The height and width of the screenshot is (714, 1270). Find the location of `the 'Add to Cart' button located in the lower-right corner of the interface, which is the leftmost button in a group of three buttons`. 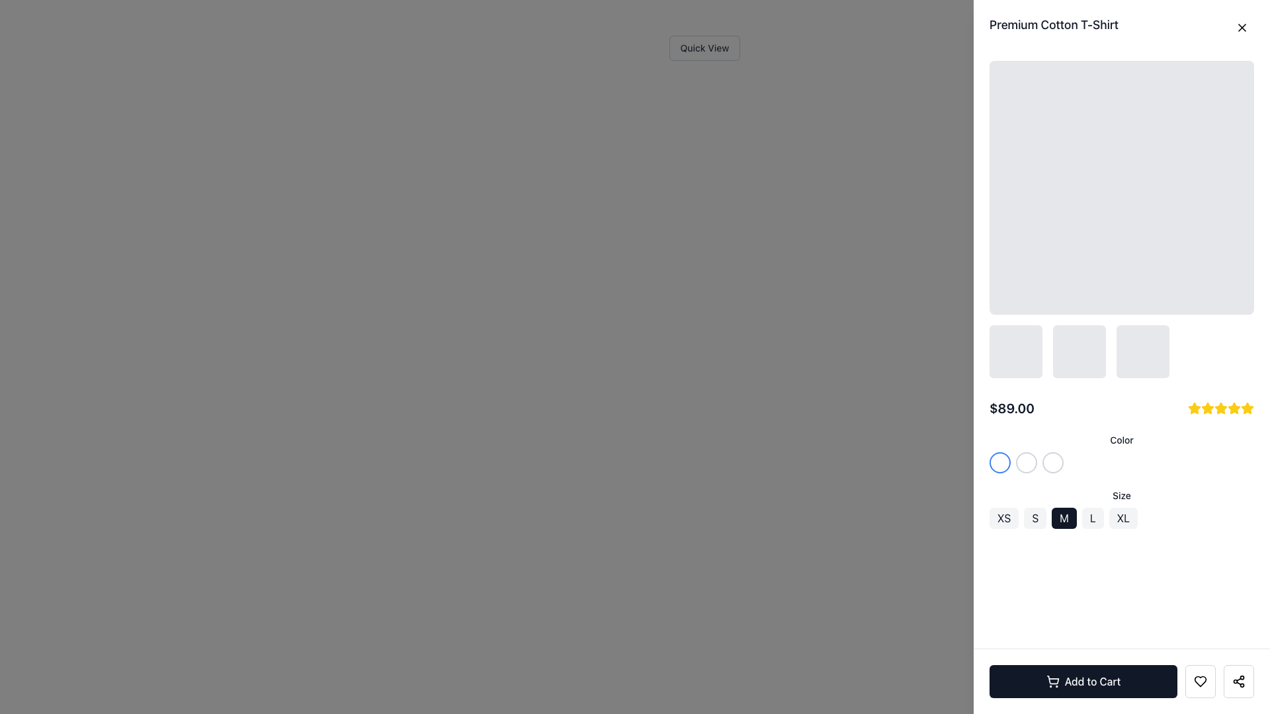

the 'Add to Cart' button located in the lower-right corner of the interface, which is the leftmost button in a group of three buttons is located at coordinates (1121, 681).